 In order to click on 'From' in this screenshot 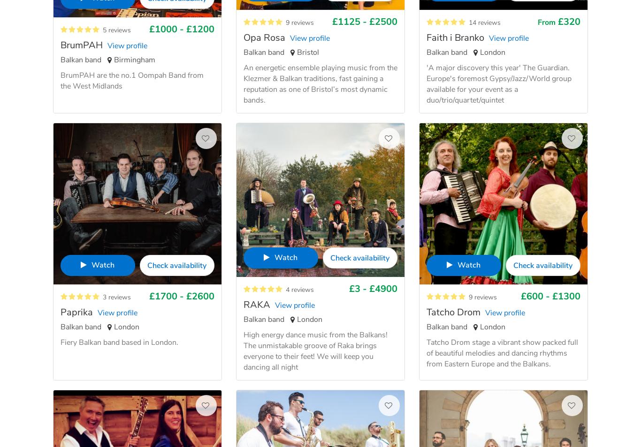, I will do `click(537, 22)`.